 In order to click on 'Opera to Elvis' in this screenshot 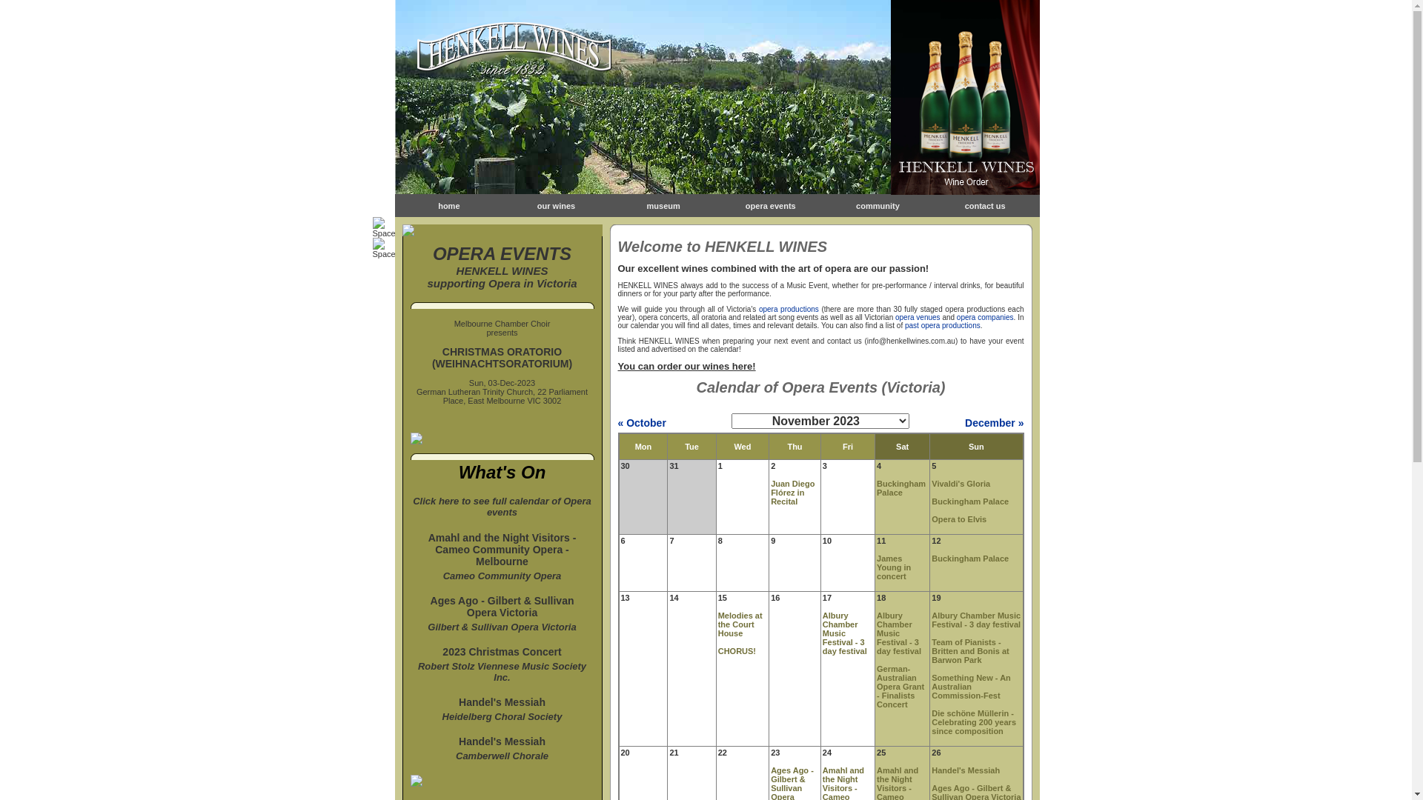, I will do `click(959, 519)`.